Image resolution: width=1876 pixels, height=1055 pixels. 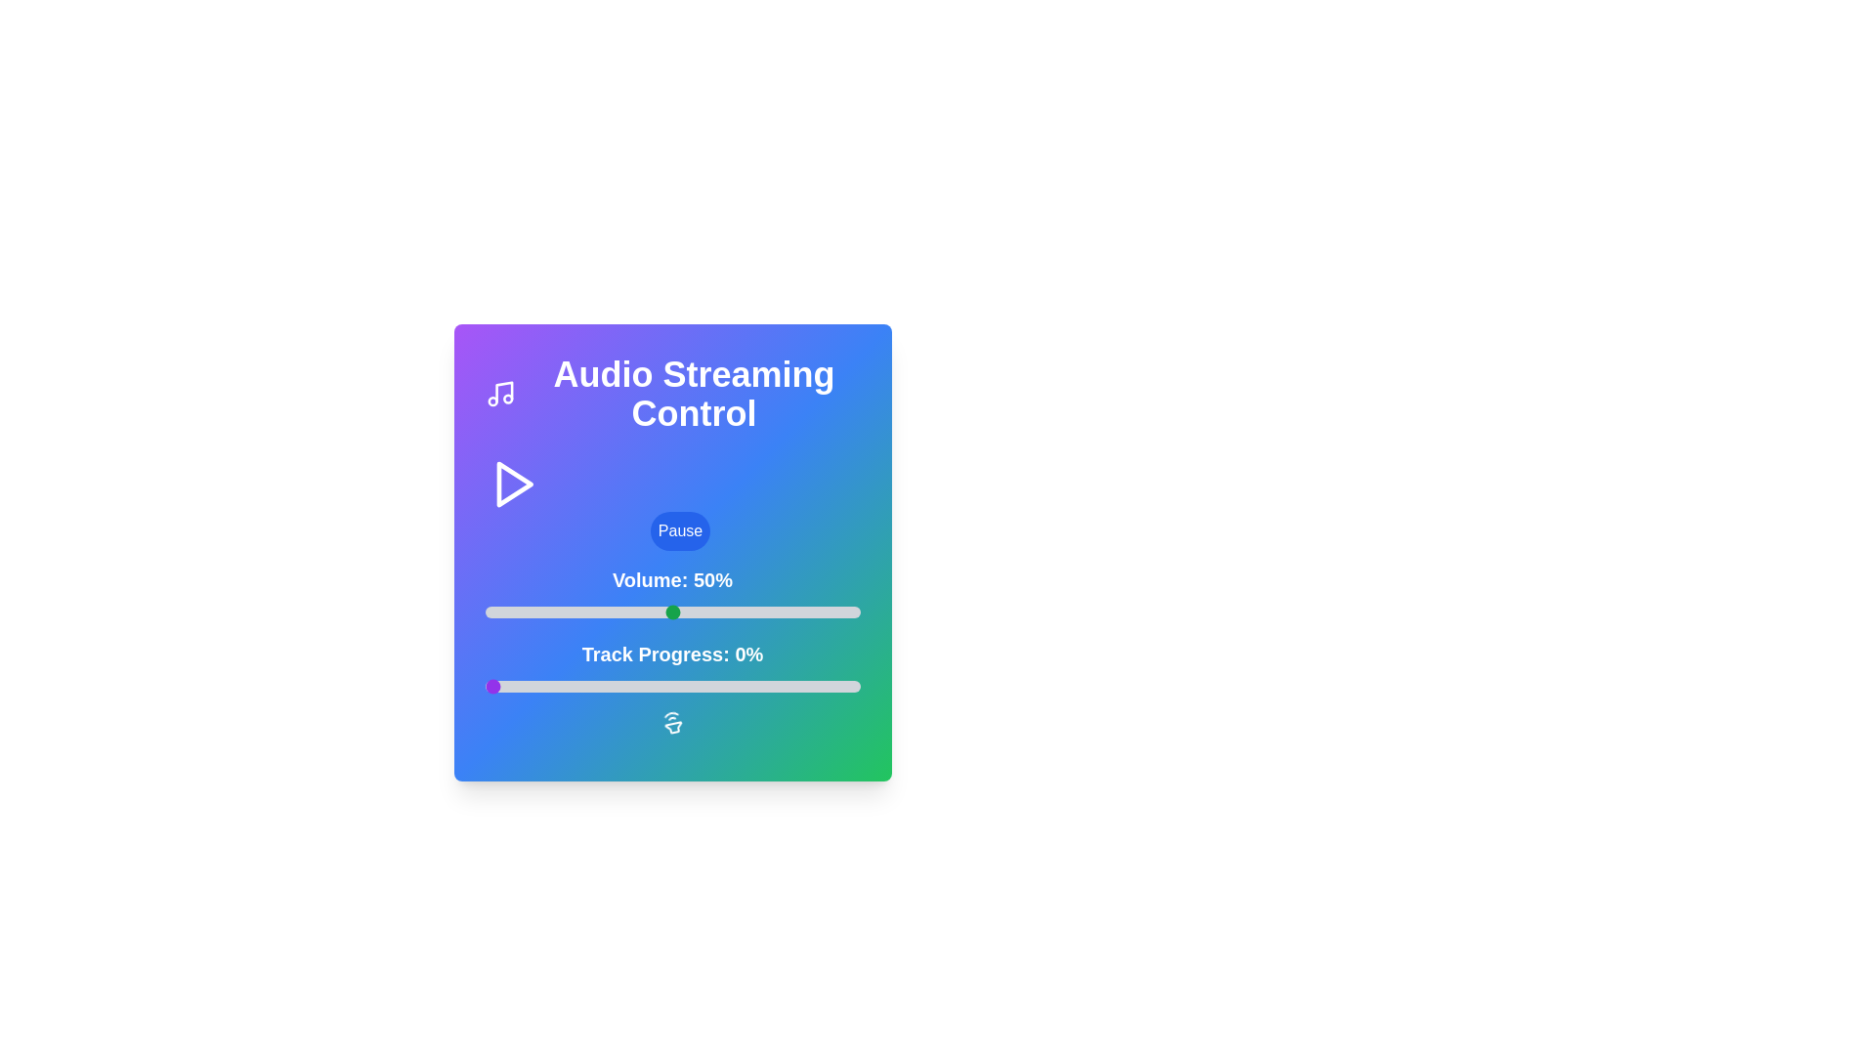 What do you see at coordinates (496, 685) in the screenshot?
I see `the track progress to 3% by interacting with the slider` at bounding box center [496, 685].